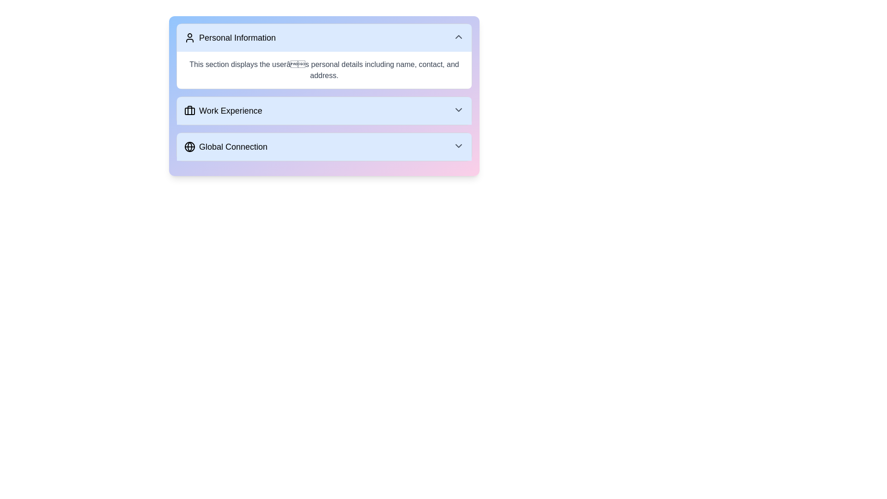 The width and height of the screenshot is (887, 499). Describe the element at coordinates (223, 110) in the screenshot. I see `the header label for the work experience section, located to the left of the briefcase icon in the collapsible component under 'Personal Information'` at that location.